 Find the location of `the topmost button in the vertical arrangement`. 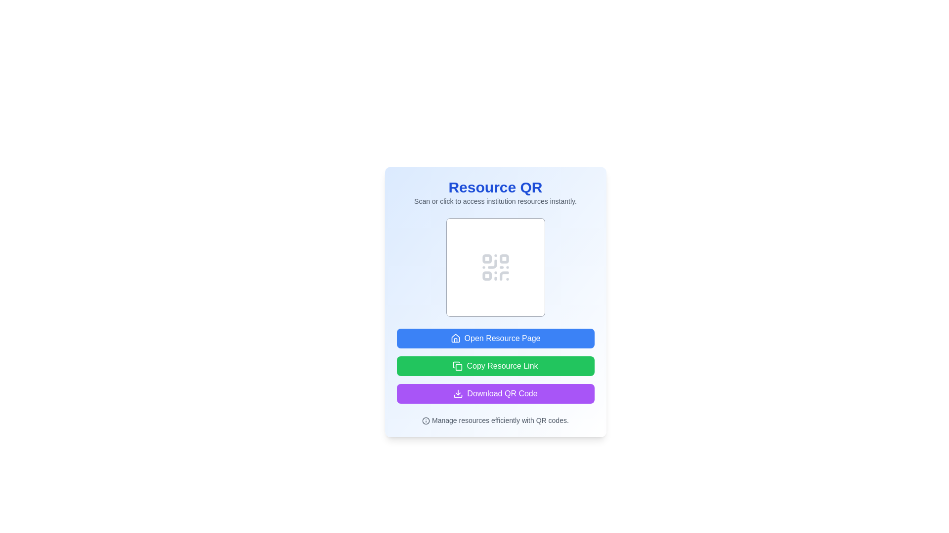

the topmost button in the vertical arrangement is located at coordinates (495, 338).